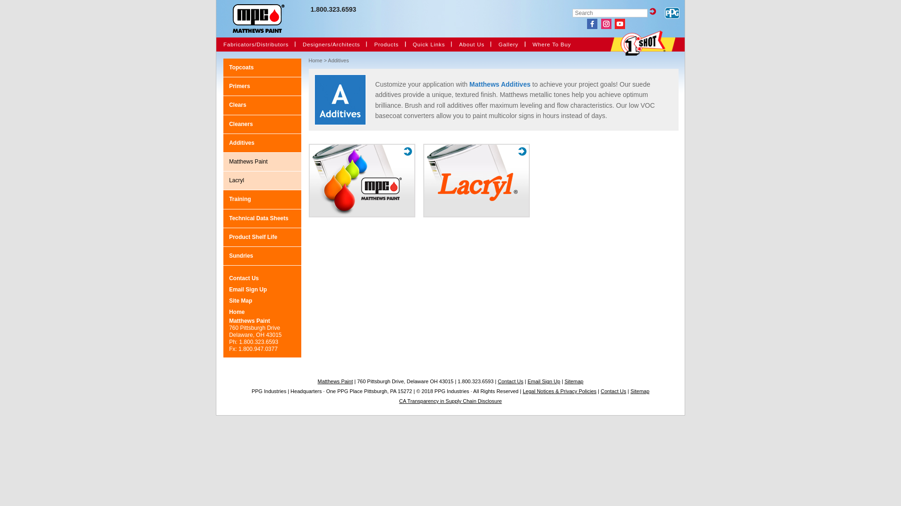 This screenshot has height=506, width=901. Describe the element at coordinates (331, 45) in the screenshot. I see `'Designers/Architects'` at that location.